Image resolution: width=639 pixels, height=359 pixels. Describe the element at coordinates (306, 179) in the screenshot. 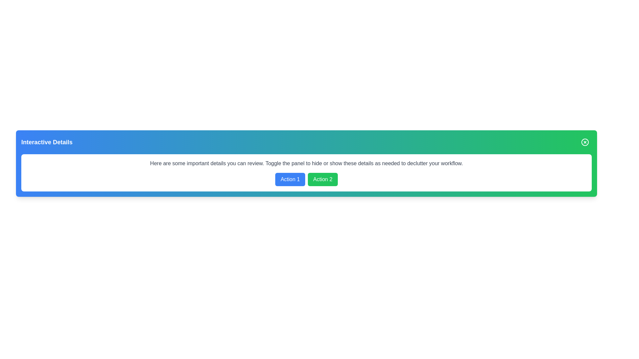

I see `the button labeled 'Action 2' in the group of buttons, which has a green background and white text` at that location.